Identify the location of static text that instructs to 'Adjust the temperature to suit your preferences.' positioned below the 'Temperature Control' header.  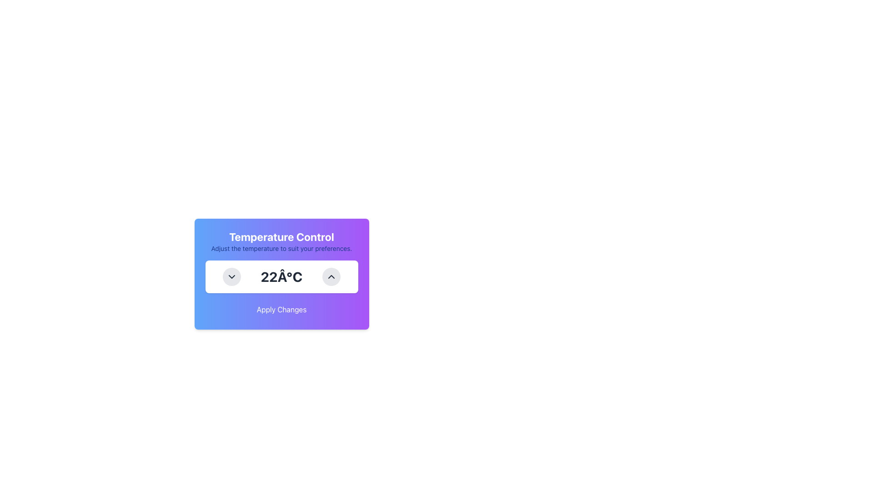
(281, 249).